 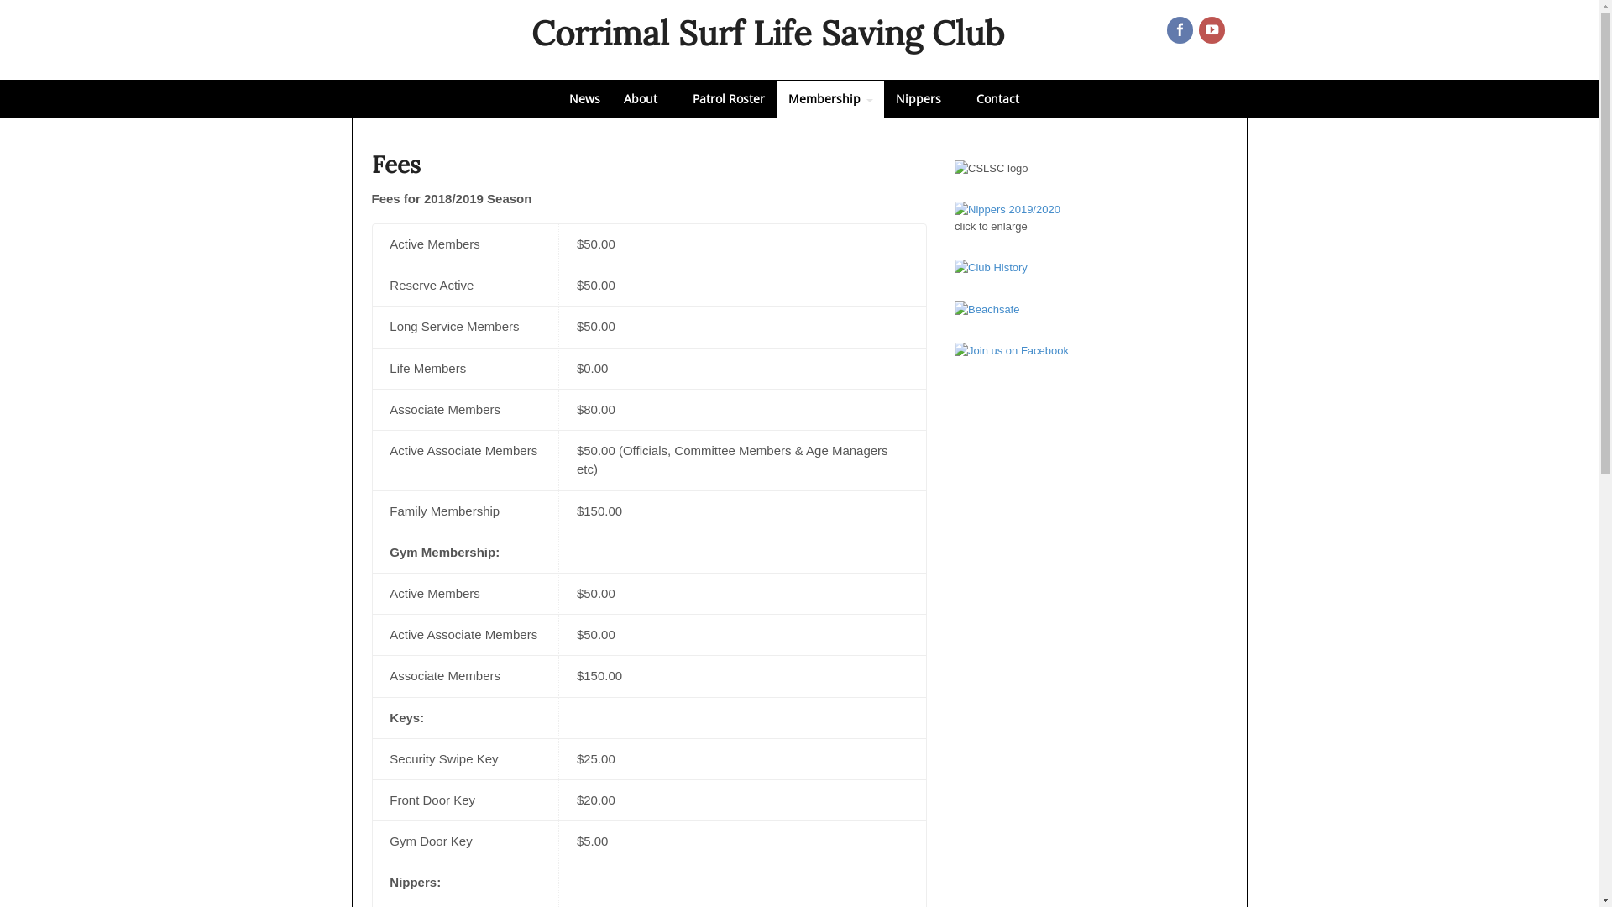 What do you see at coordinates (1212, 31) in the screenshot?
I see `'YouTube'` at bounding box center [1212, 31].